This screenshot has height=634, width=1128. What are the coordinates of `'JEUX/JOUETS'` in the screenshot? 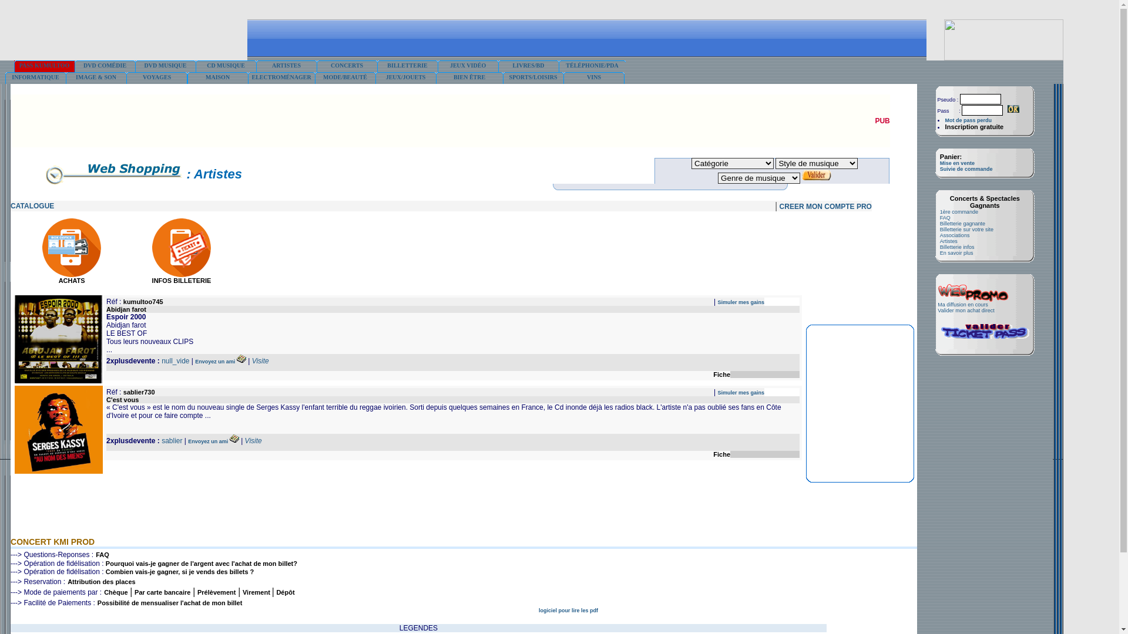 It's located at (405, 77).